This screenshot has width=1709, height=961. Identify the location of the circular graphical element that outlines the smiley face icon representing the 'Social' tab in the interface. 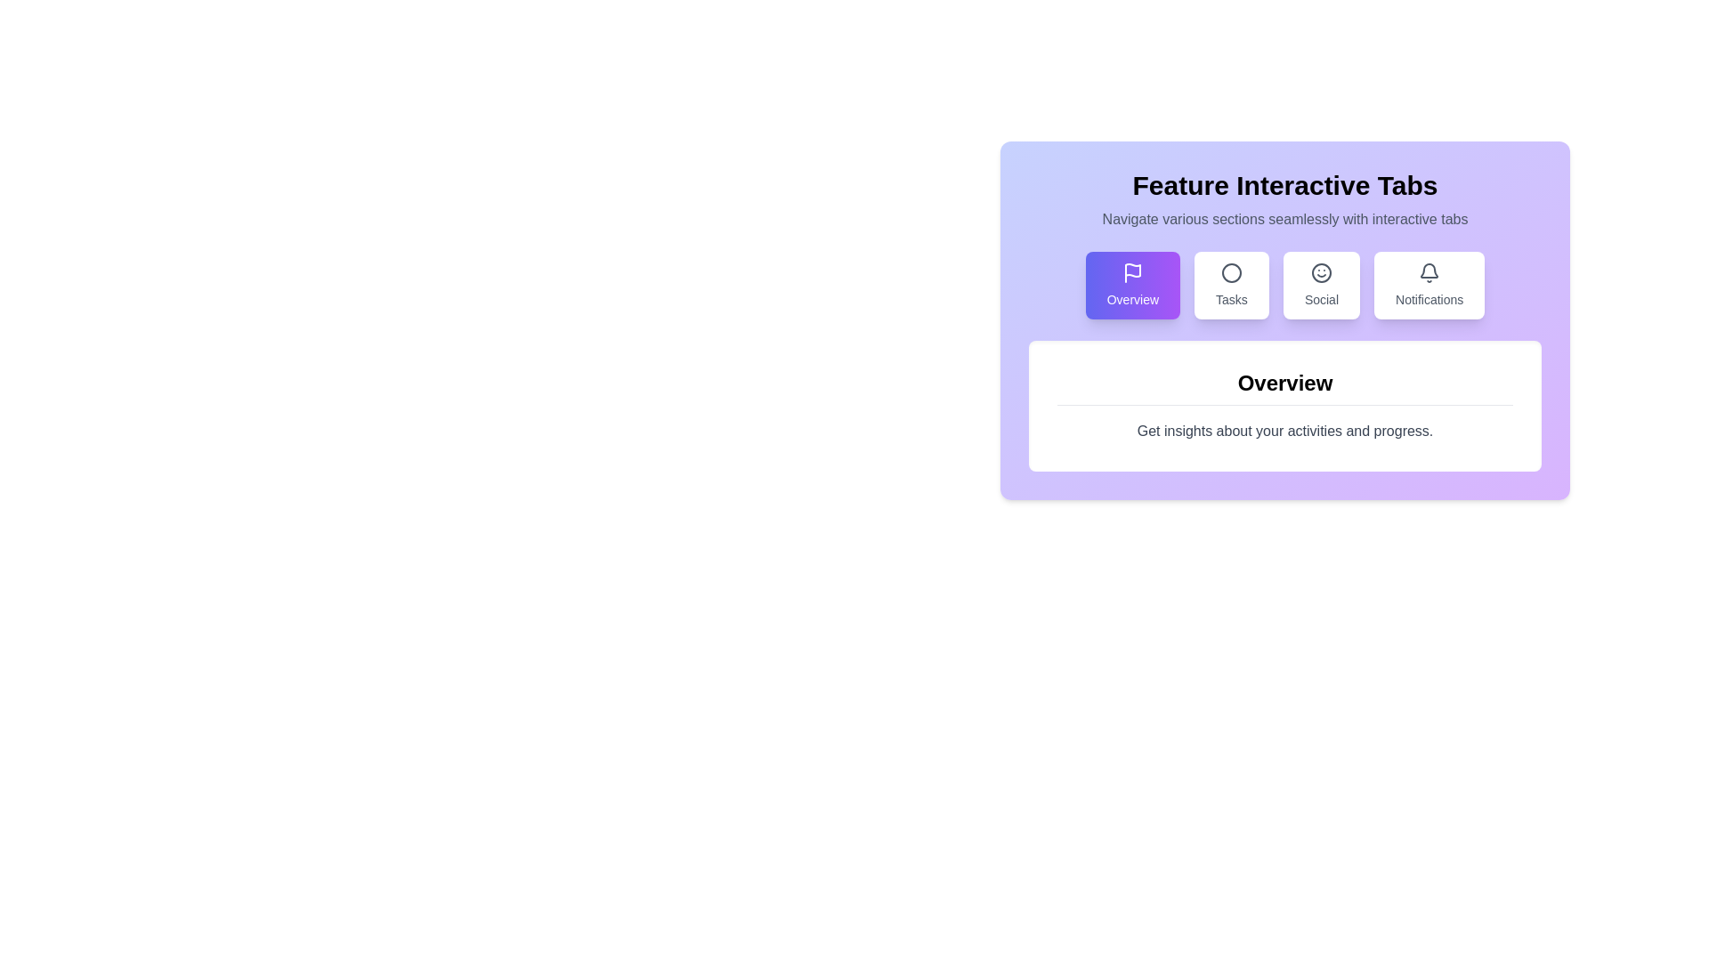
(1321, 273).